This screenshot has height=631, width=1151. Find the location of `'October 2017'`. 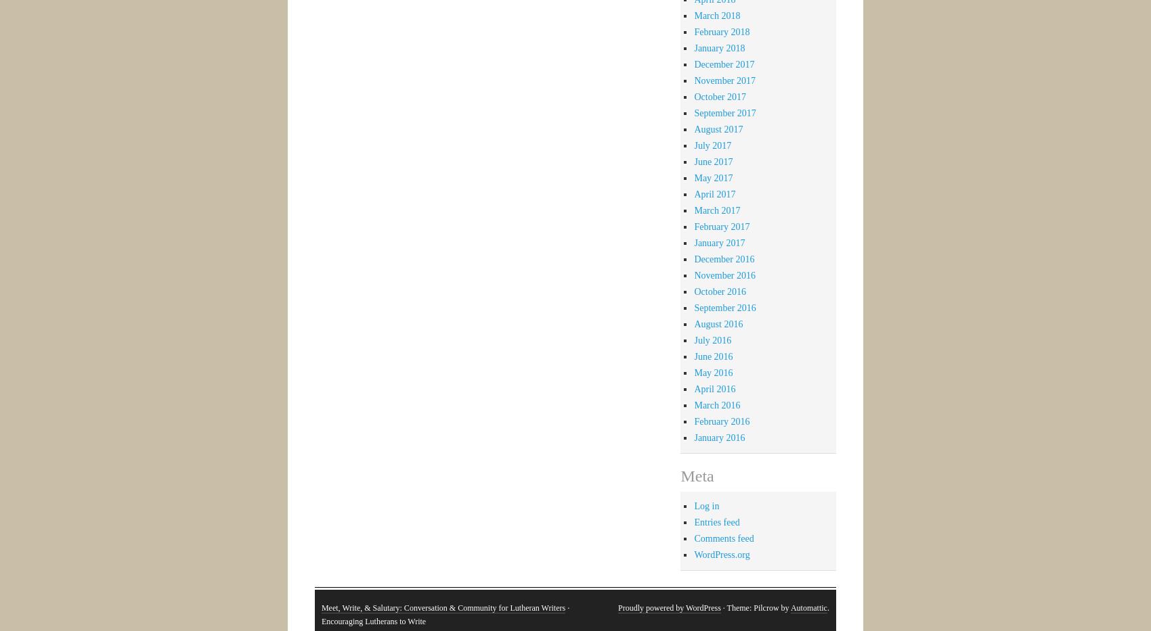

'October 2017' is located at coordinates (720, 95).